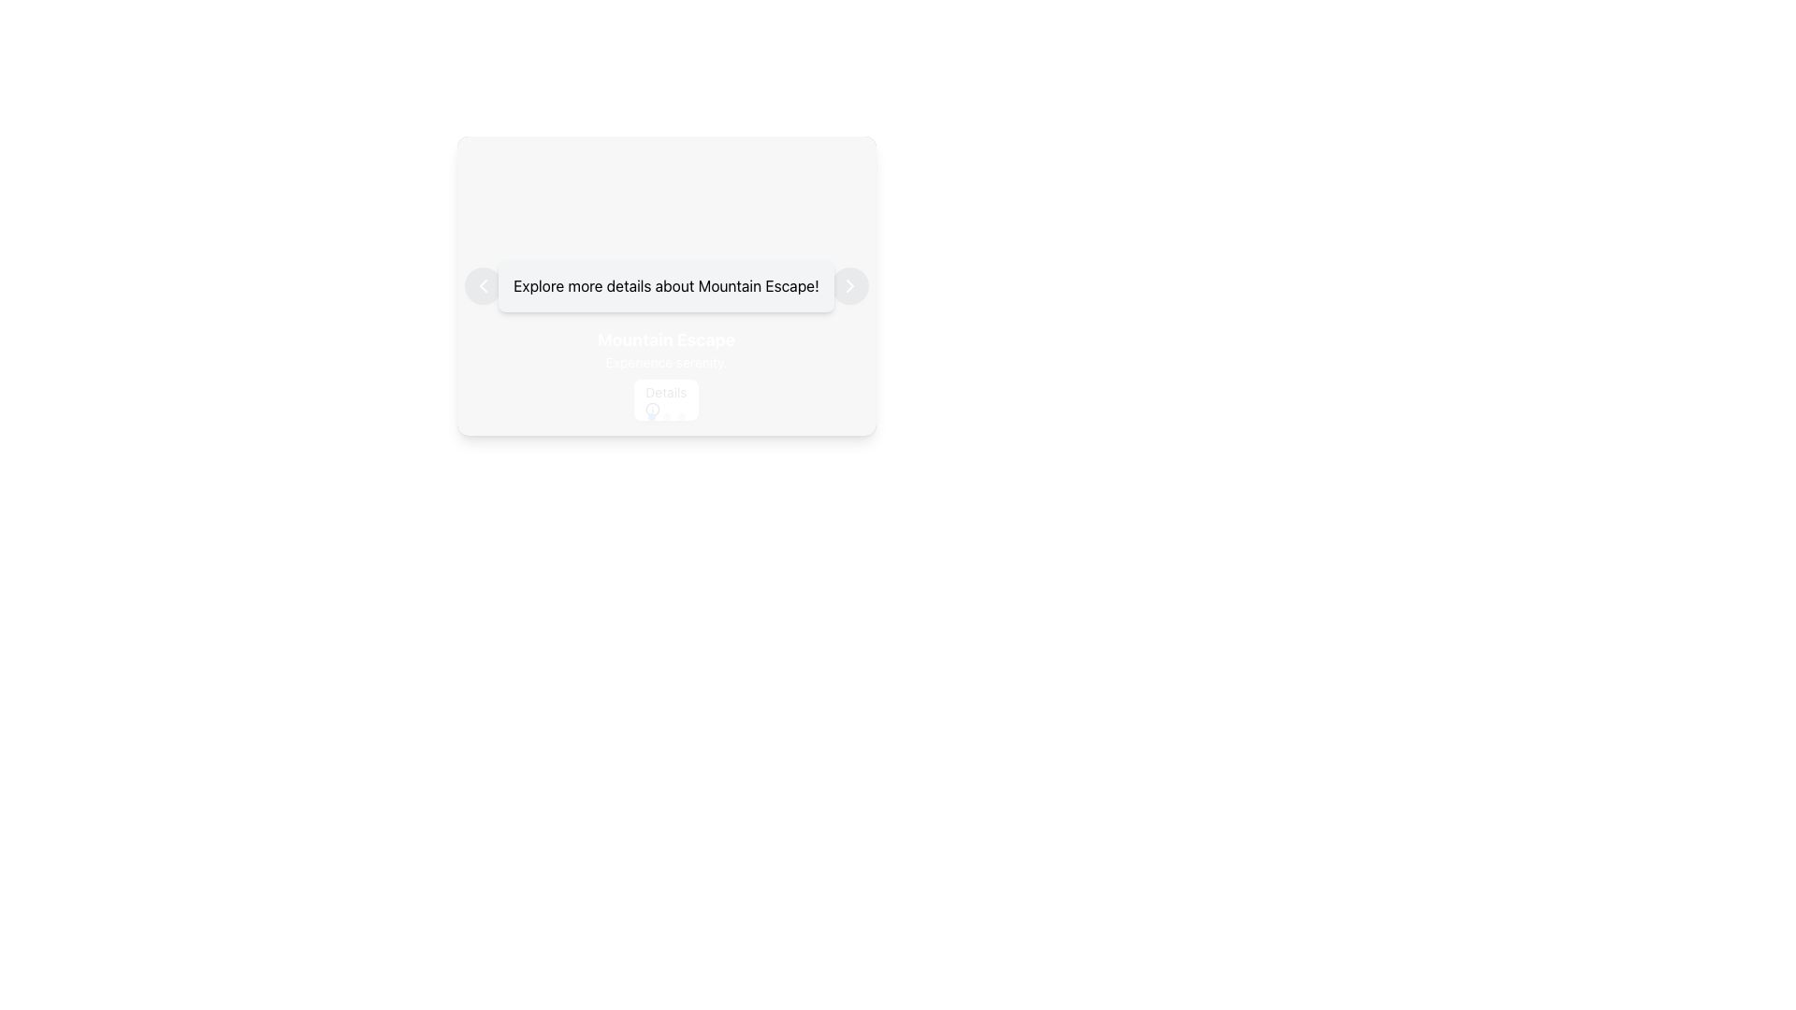 The width and height of the screenshot is (1796, 1010). I want to click on the second gray circle of the Pagination Indicator located at the bottom of the 'Mountain Escape' card, so click(666, 416).